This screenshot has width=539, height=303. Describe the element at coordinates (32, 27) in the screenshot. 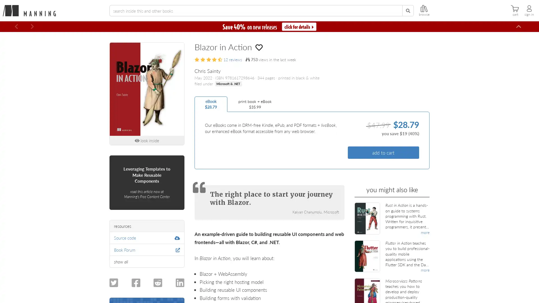

I see `Next` at that location.